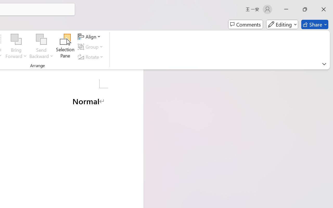 The height and width of the screenshot is (208, 333). What do you see at coordinates (65, 47) in the screenshot?
I see `'Selection Pane...'` at bounding box center [65, 47].